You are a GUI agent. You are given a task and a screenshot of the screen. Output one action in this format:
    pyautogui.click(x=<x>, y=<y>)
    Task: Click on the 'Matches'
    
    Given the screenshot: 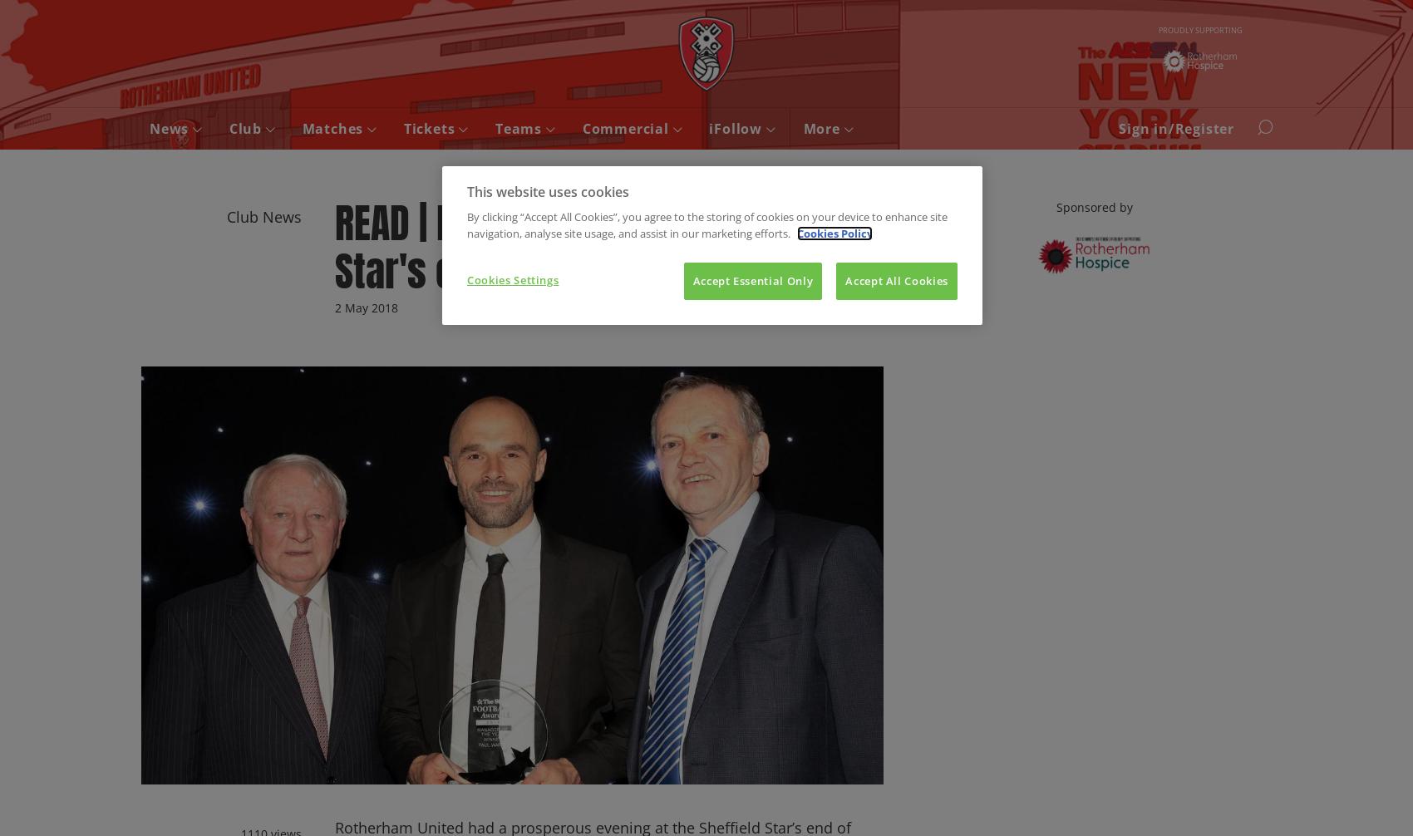 What is the action you would take?
    pyautogui.click(x=333, y=129)
    